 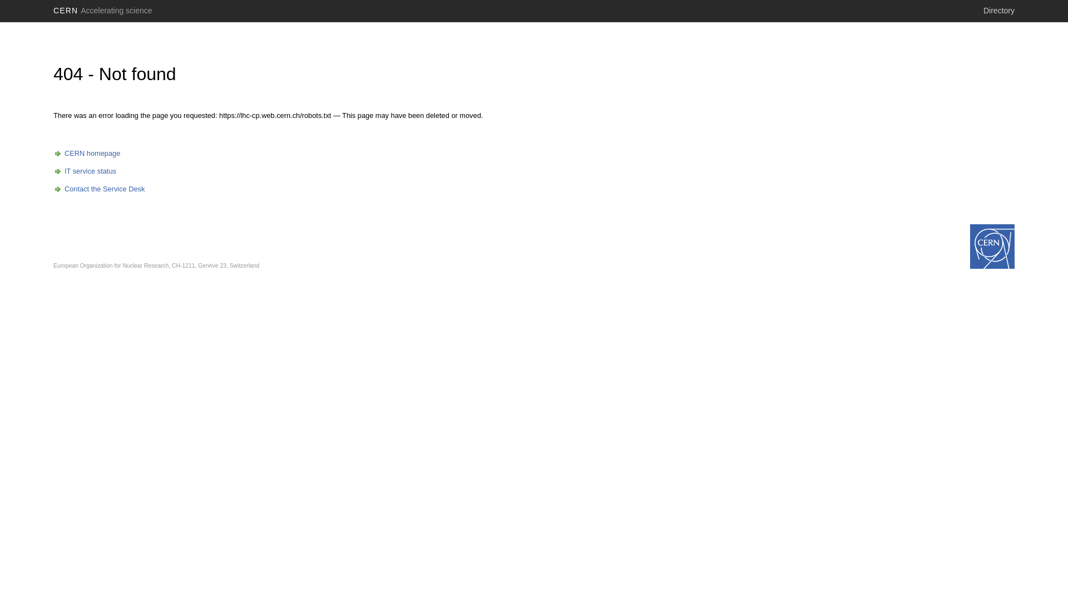 What do you see at coordinates (992, 246) in the screenshot?
I see `'www.cern.ch'` at bounding box center [992, 246].